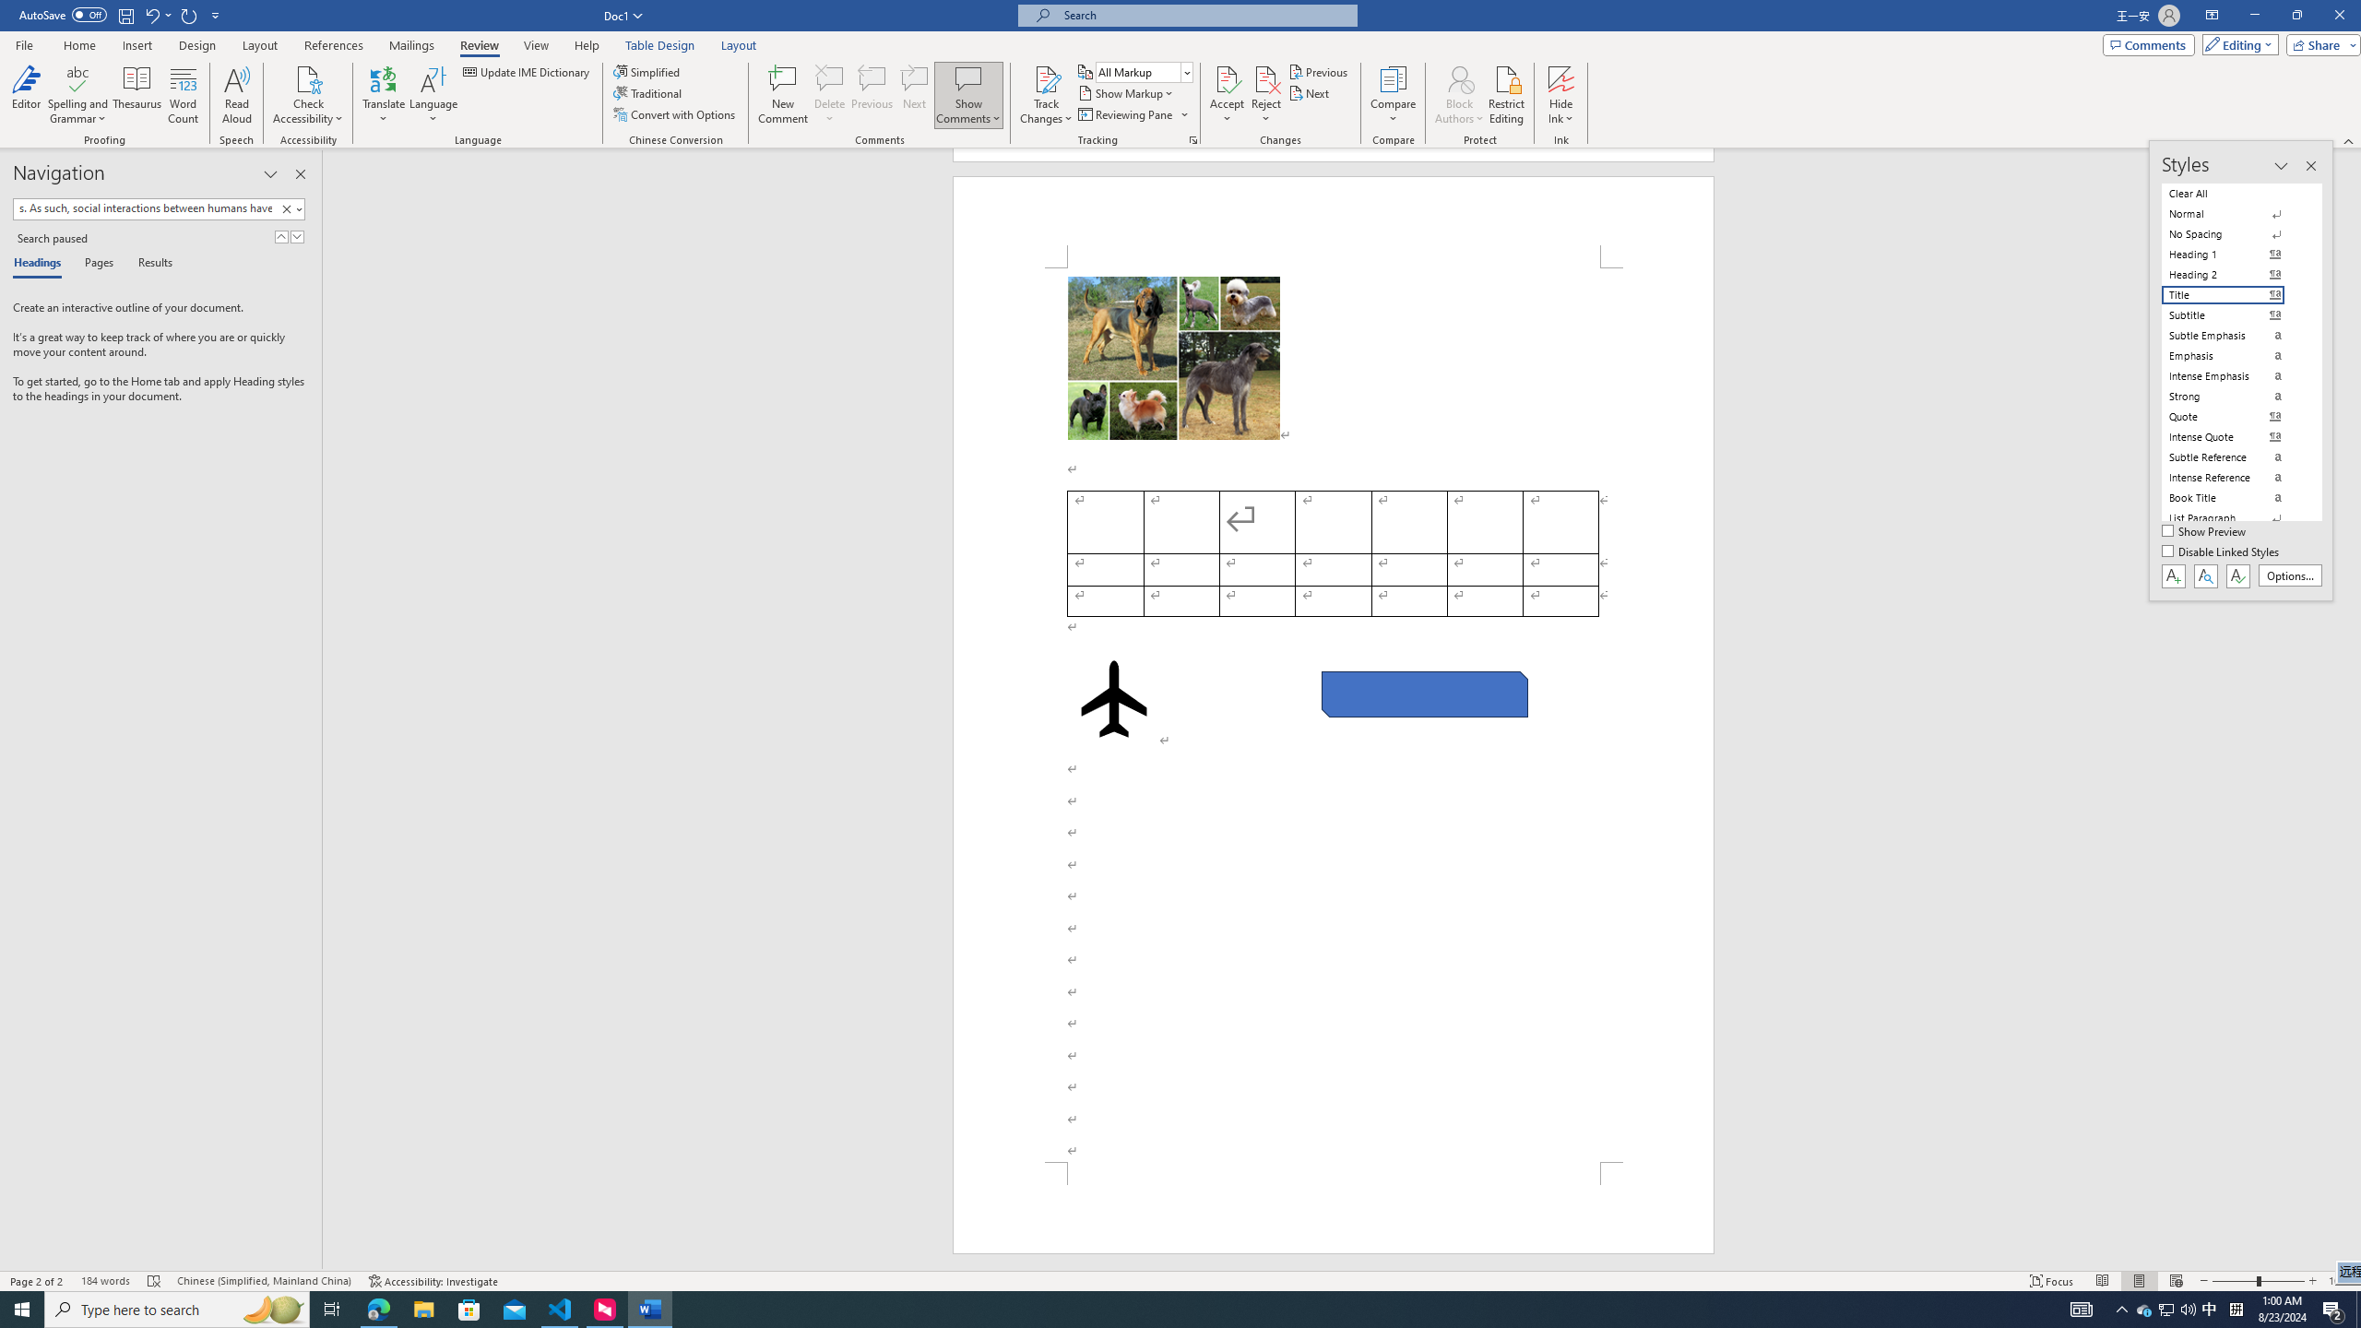  What do you see at coordinates (2234, 437) in the screenshot?
I see `'Intense Quote'` at bounding box center [2234, 437].